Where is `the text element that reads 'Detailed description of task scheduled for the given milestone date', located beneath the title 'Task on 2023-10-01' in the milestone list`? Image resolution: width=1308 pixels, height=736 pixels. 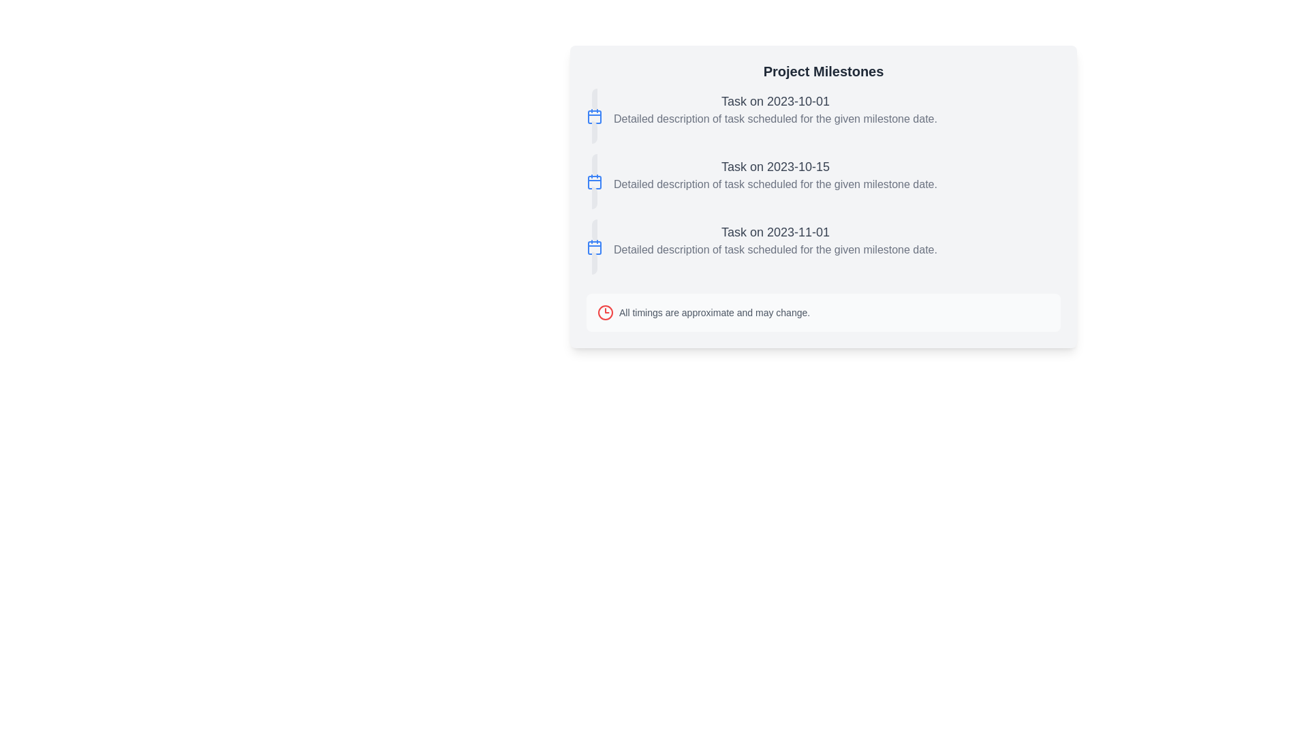
the text element that reads 'Detailed description of task scheduled for the given milestone date', located beneath the title 'Task on 2023-10-01' in the milestone list is located at coordinates (775, 118).